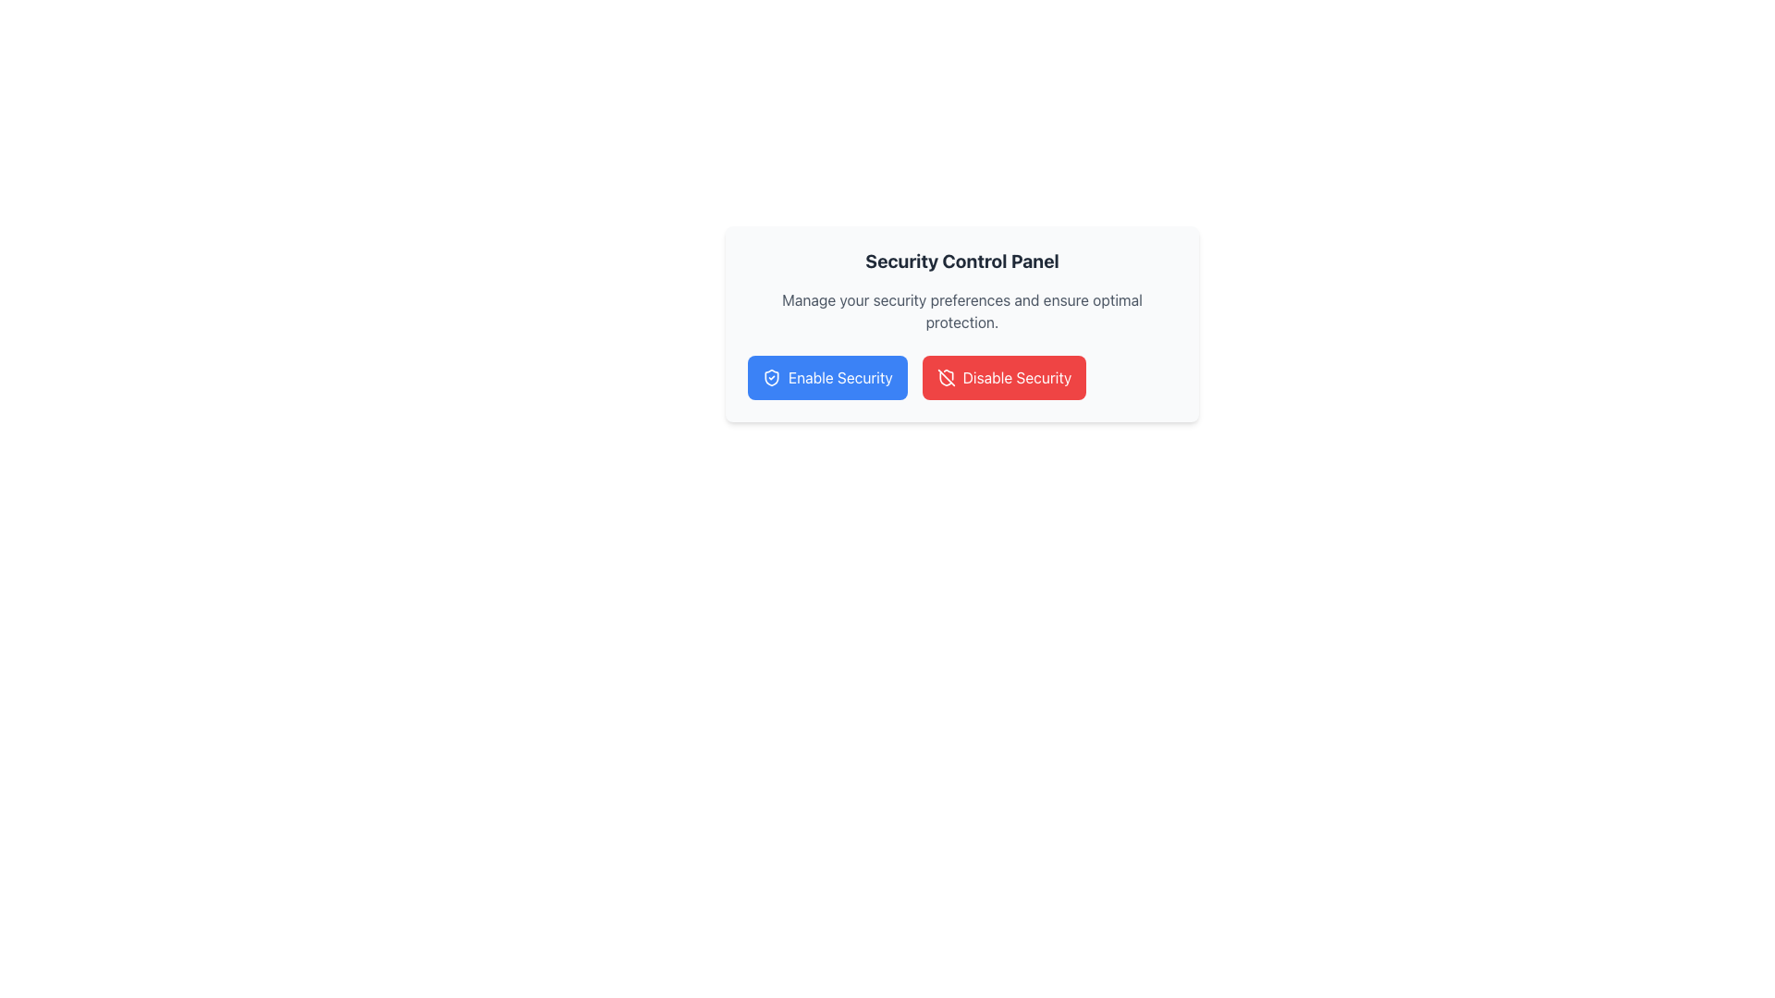 This screenshot has height=998, width=1775. I want to click on the shield icon with a checkmark inside, which is located next to the 'Enable Security' button, so click(772, 376).